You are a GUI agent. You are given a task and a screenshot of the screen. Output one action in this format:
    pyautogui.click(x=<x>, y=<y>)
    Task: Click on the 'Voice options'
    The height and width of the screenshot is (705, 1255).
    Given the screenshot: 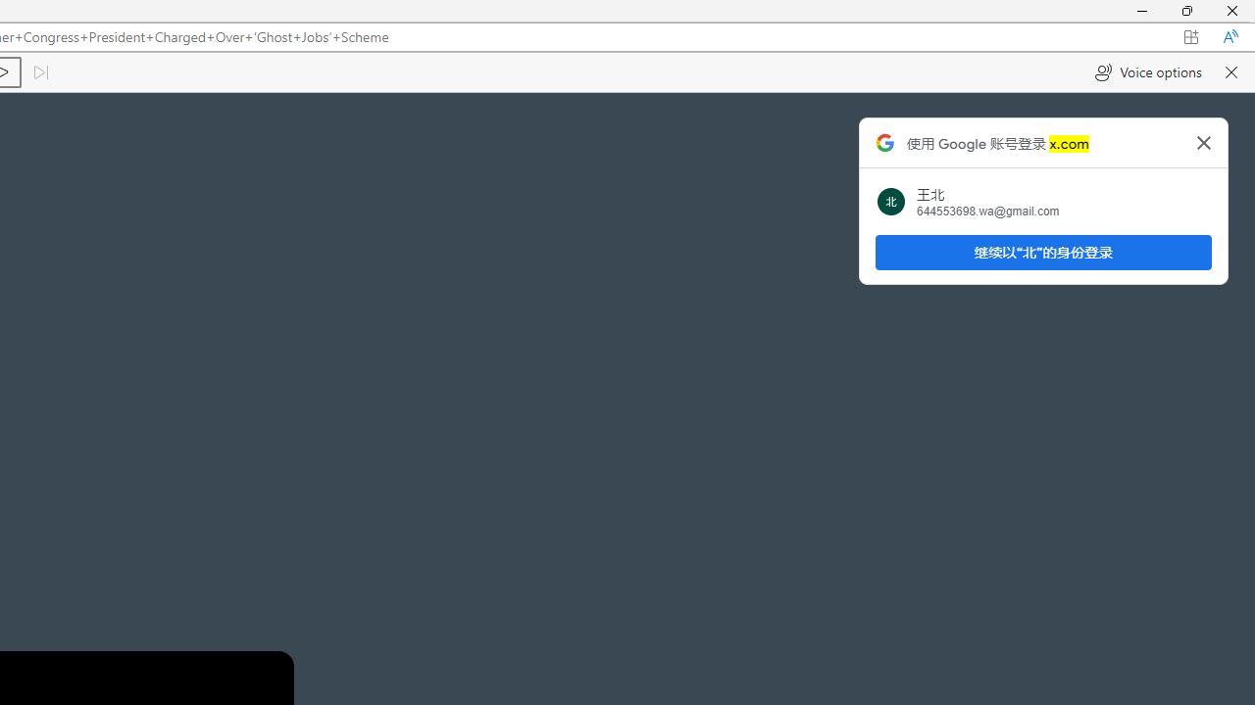 What is the action you would take?
    pyautogui.click(x=1148, y=71)
    